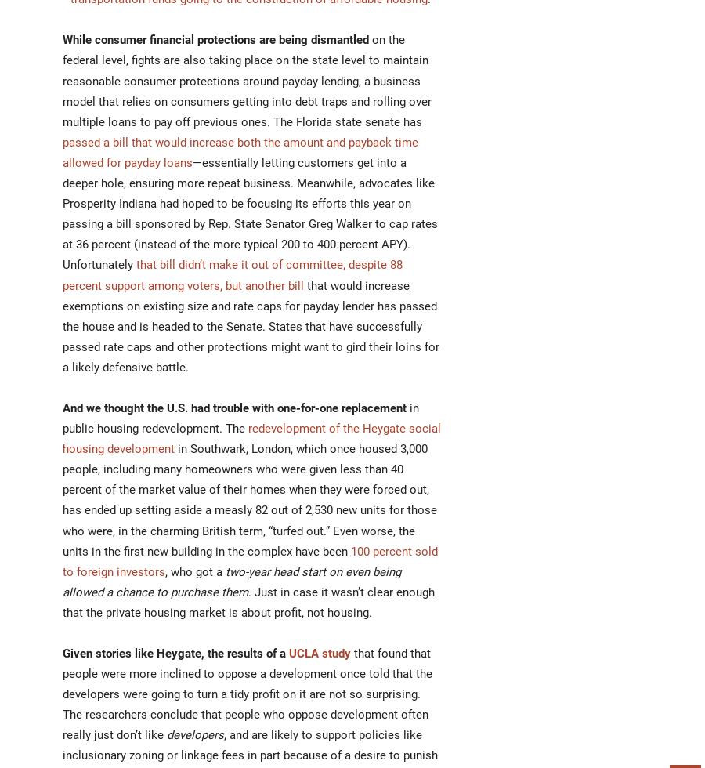 This screenshot has height=768, width=705. I want to click on '. Just in case it wasn’t clear enough that the private housing market is about profit, not housing.', so click(248, 602).